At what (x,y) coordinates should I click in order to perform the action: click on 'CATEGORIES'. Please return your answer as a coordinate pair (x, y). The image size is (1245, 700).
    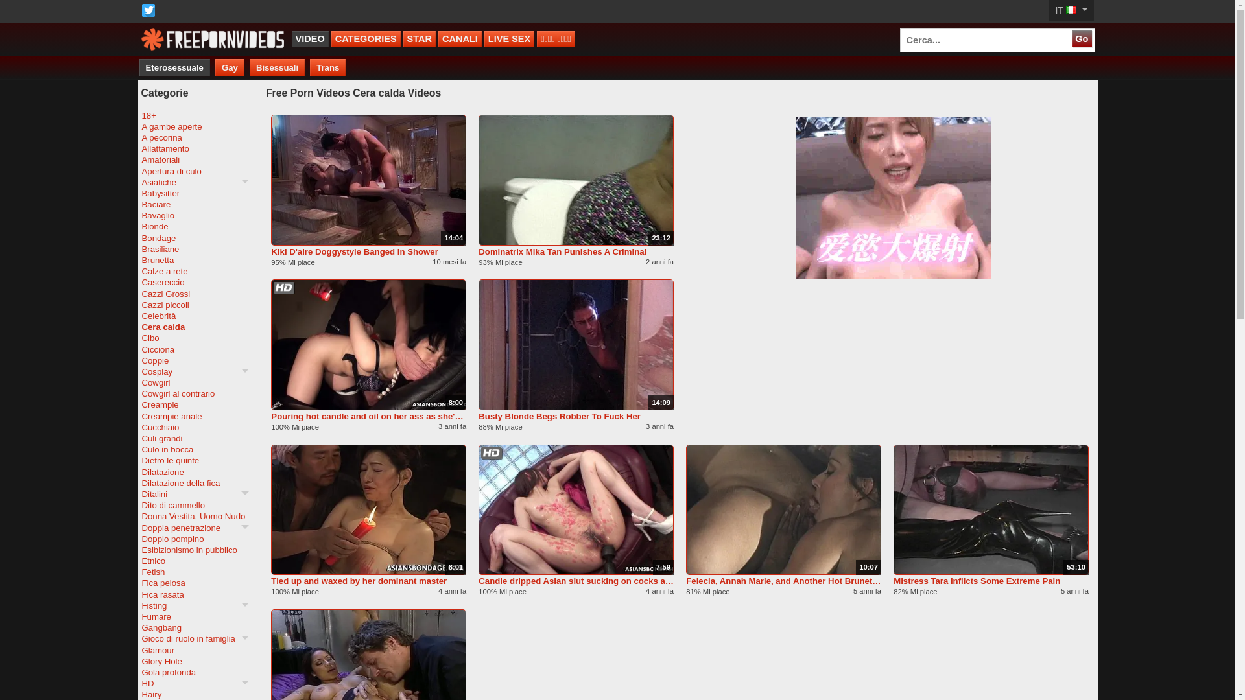
    Looking at the image, I should click on (365, 38).